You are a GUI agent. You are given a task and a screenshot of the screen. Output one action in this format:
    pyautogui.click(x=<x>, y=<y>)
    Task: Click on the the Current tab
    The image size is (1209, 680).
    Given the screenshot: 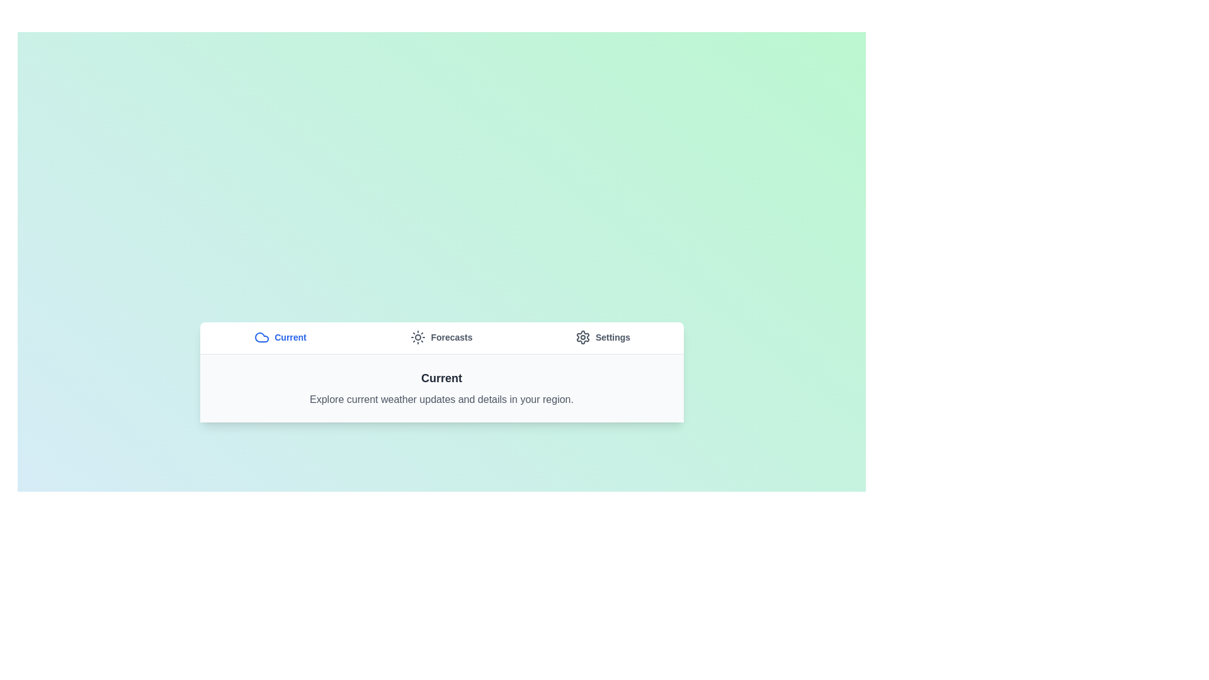 What is the action you would take?
    pyautogui.click(x=280, y=337)
    